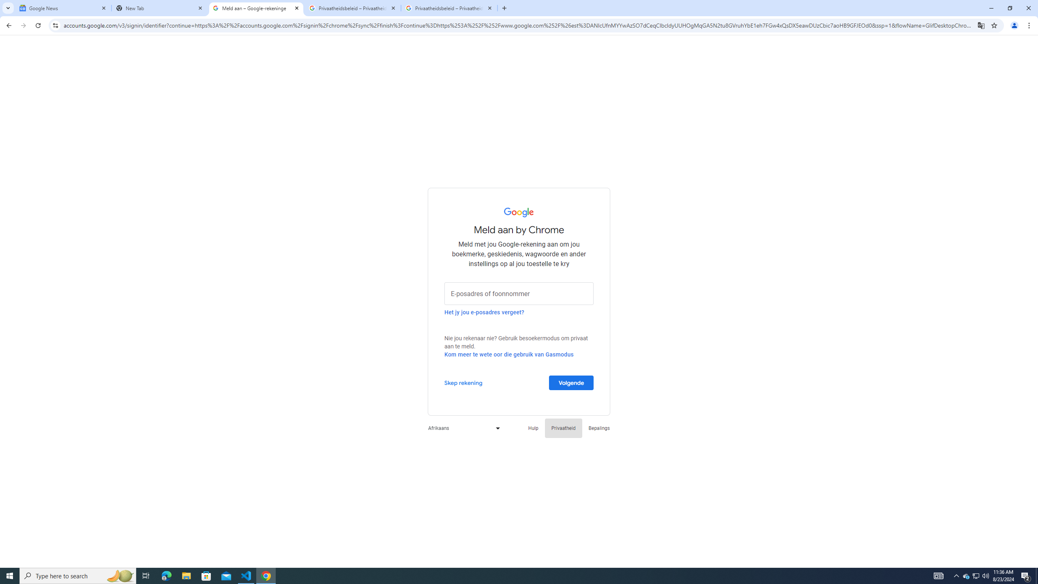  What do you see at coordinates (461, 427) in the screenshot?
I see `'Afrikaans'` at bounding box center [461, 427].